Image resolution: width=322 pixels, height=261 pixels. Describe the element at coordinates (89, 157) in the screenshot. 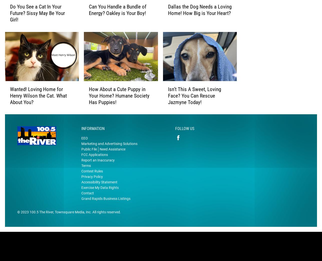

I see `'Public File'` at that location.